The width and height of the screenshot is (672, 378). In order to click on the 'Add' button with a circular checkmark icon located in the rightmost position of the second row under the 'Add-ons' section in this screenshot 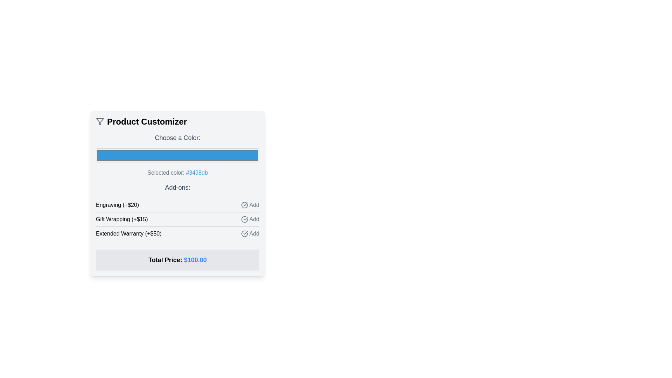, I will do `click(250, 219)`.